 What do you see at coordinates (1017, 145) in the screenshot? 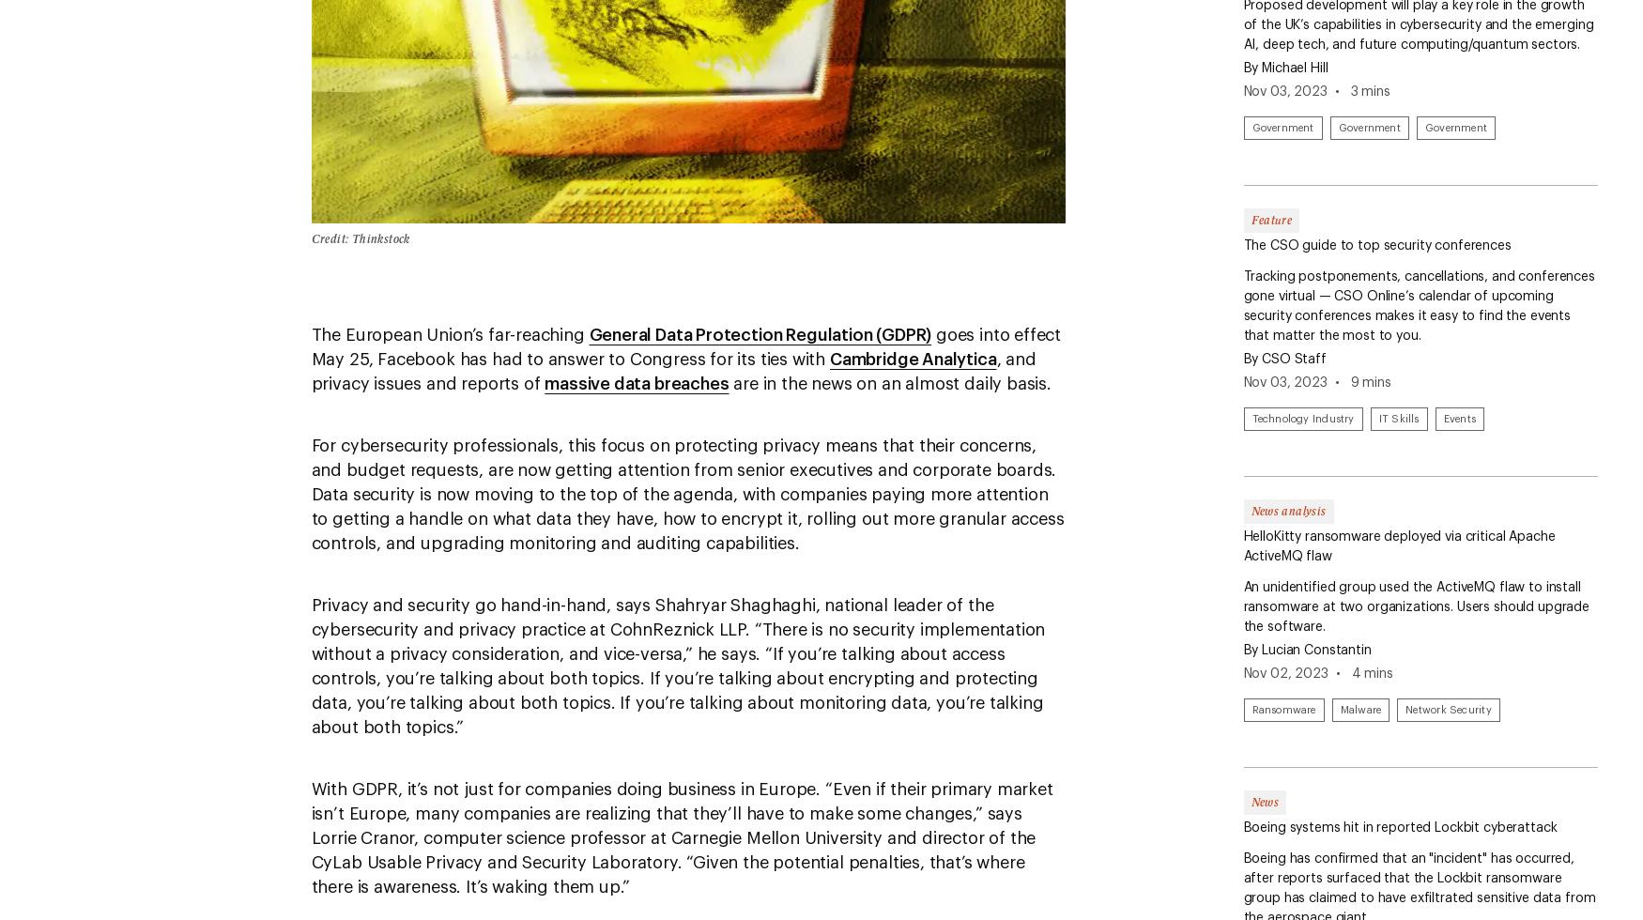
I see `'CSO Executive Sessions Australia with Robbie Whittome, CISO at Curtin University'` at bounding box center [1017, 145].